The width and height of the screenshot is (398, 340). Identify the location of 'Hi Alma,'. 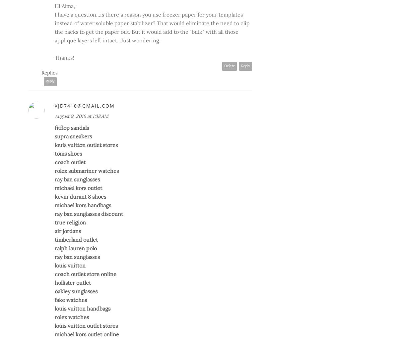
(64, 6).